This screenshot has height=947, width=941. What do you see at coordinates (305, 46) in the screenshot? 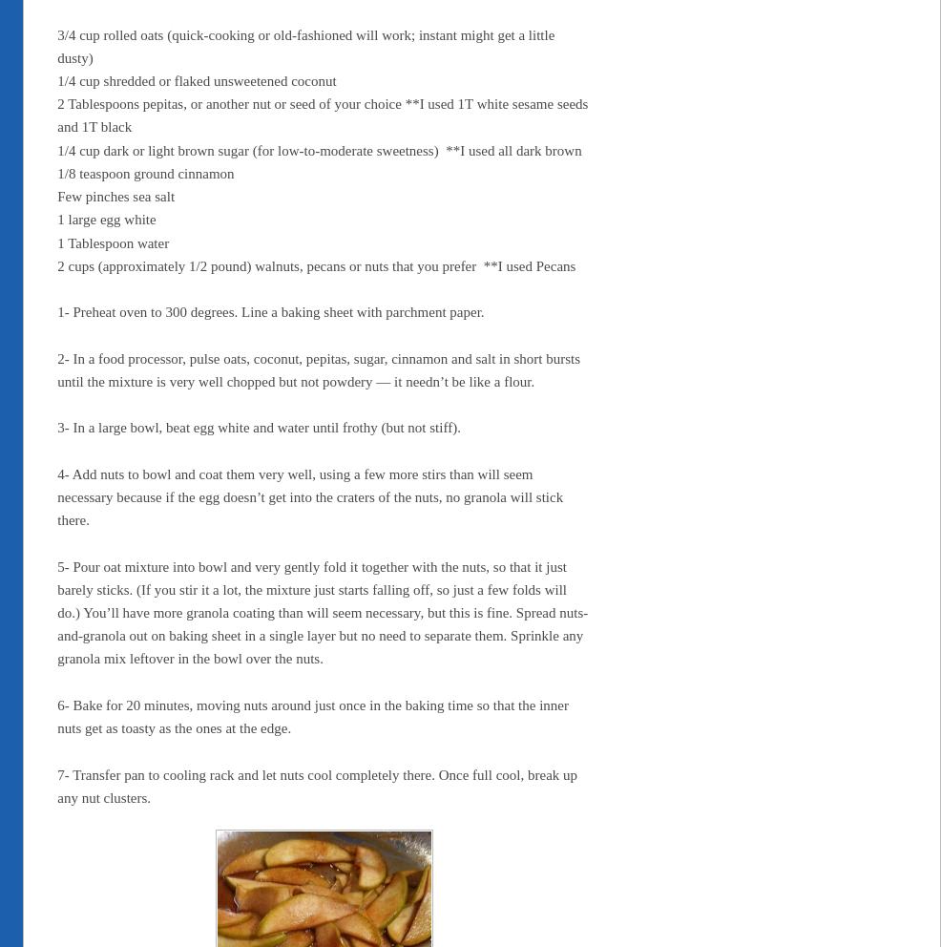
I see `'3/4 cup rolled oats (quick-cooking or old-fashioned will work; instant might get a little dusty)'` at bounding box center [305, 46].